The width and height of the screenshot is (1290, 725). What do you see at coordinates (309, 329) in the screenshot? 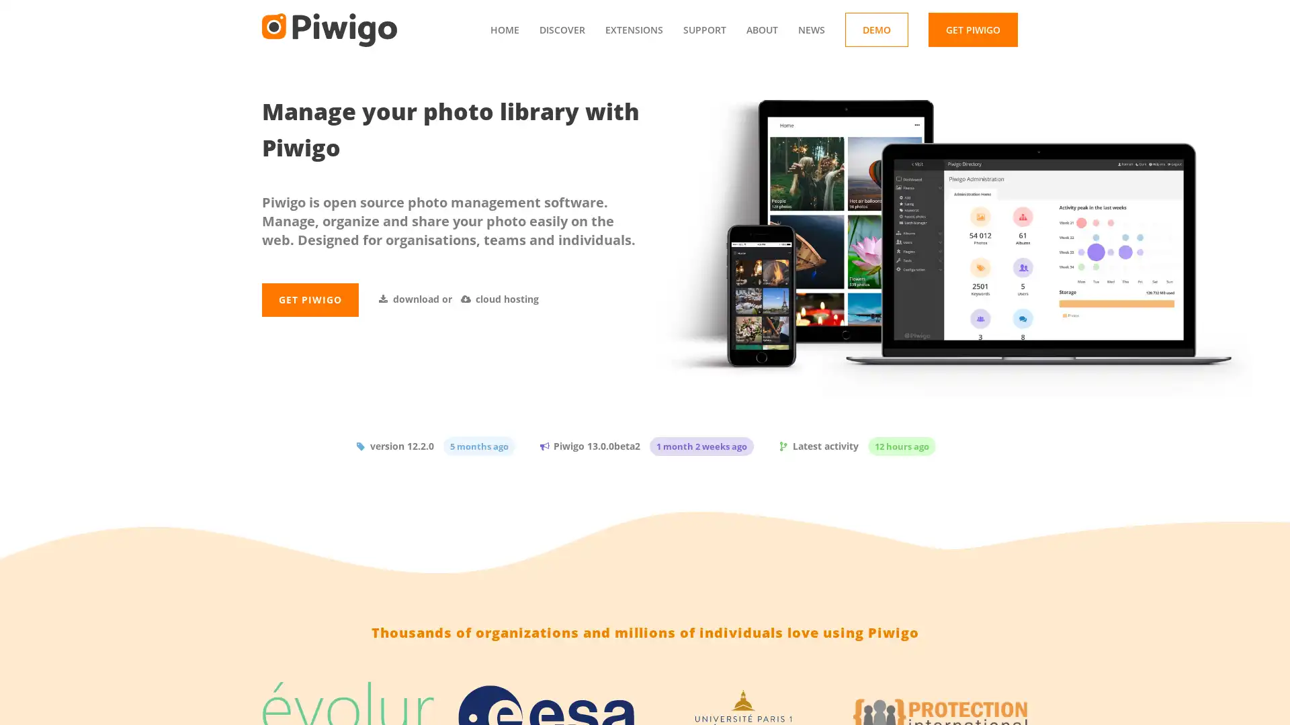
I see `GET PIWIGO` at bounding box center [309, 329].